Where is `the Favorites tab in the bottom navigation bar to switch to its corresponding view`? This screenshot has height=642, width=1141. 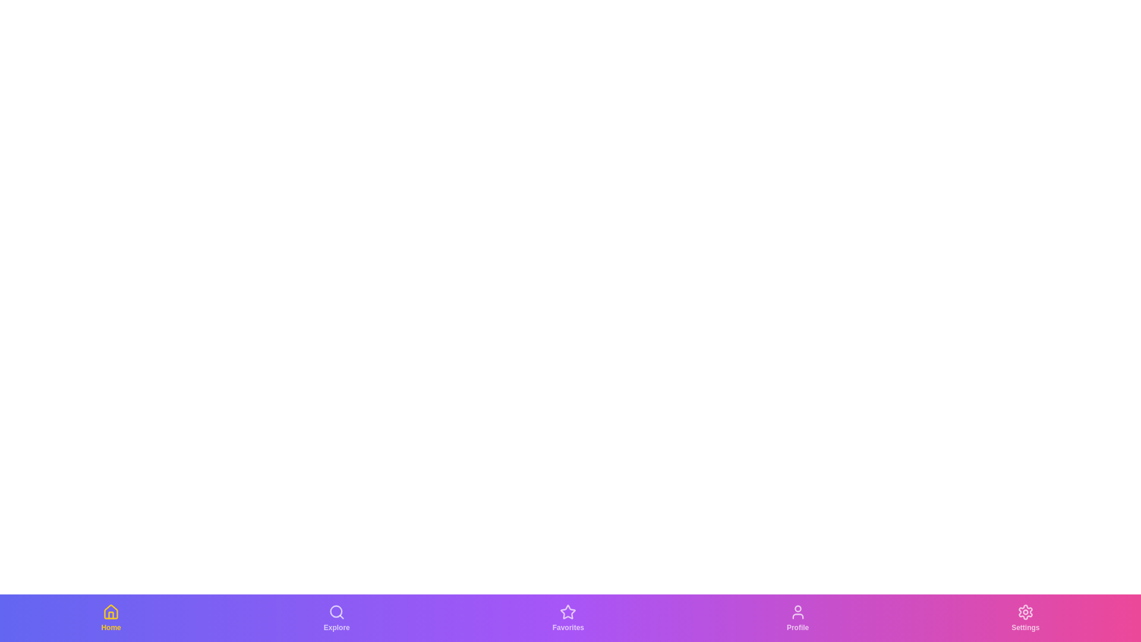 the Favorites tab in the bottom navigation bar to switch to its corresponding view is located at coordinates (568, 618).